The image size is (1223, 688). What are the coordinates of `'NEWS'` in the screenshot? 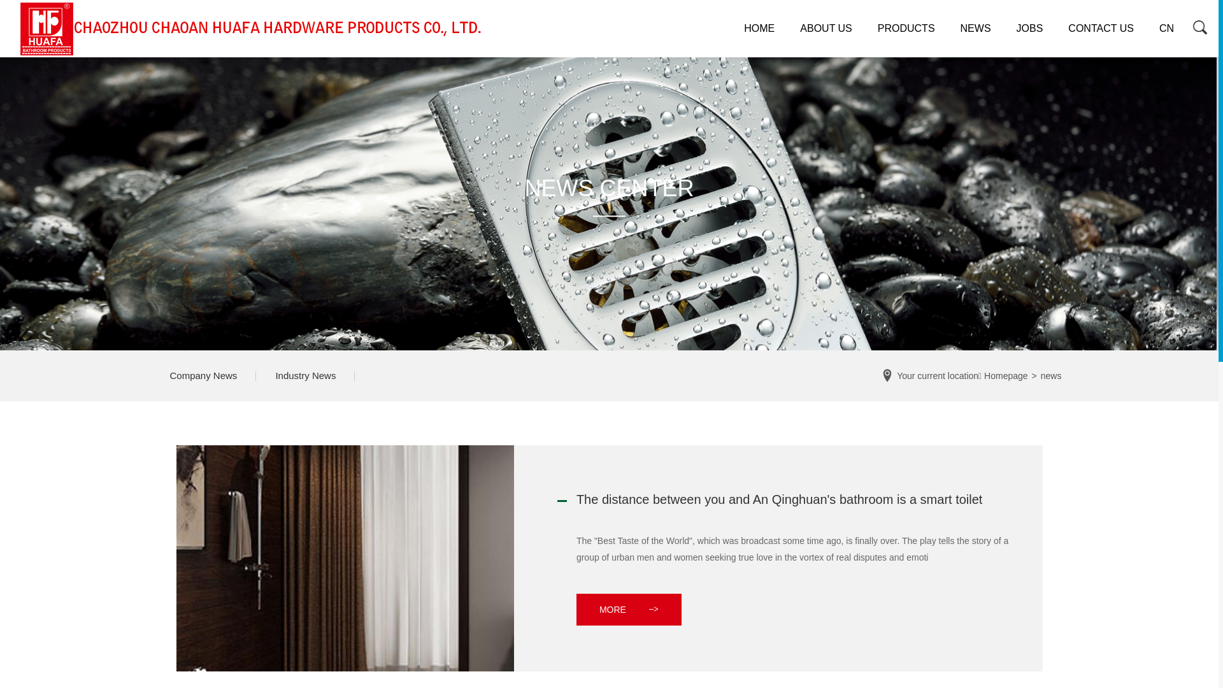 It's located at (975, 29).